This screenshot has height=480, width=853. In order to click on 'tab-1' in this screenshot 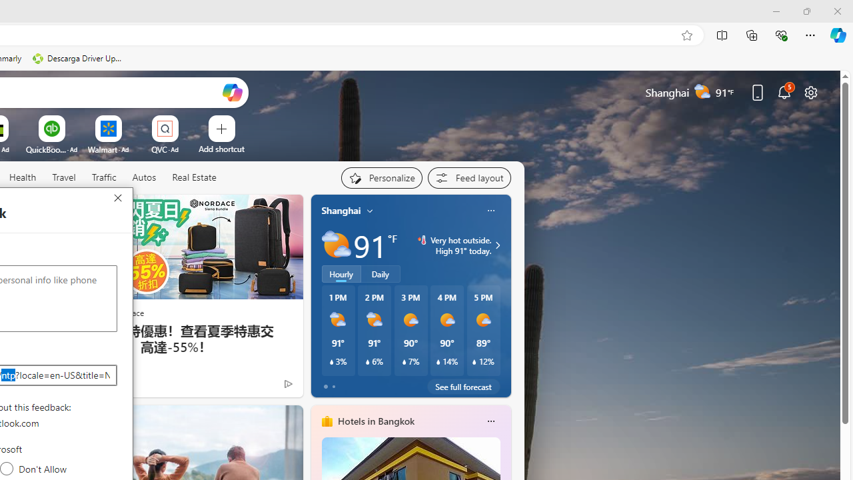, I will do `click(333, 386)`.